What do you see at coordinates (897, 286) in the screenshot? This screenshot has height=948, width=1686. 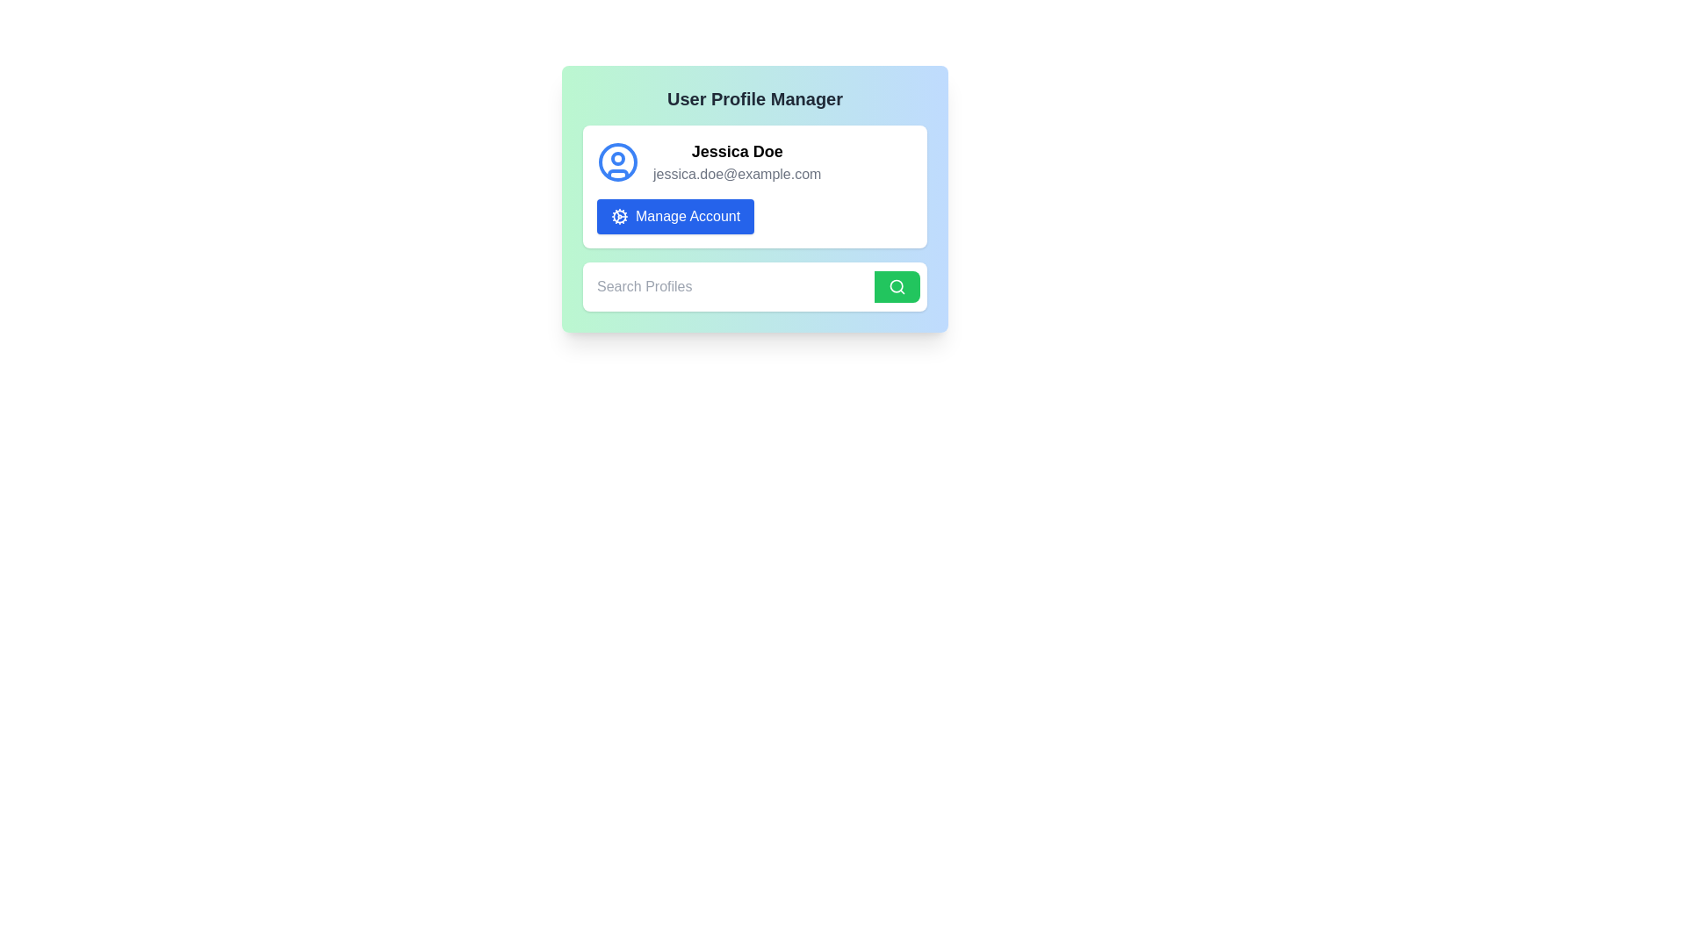 I see `the search icon embedded in the submit button located to the right of the 'Search Profiles' input field` at bounding box center [897, 286].